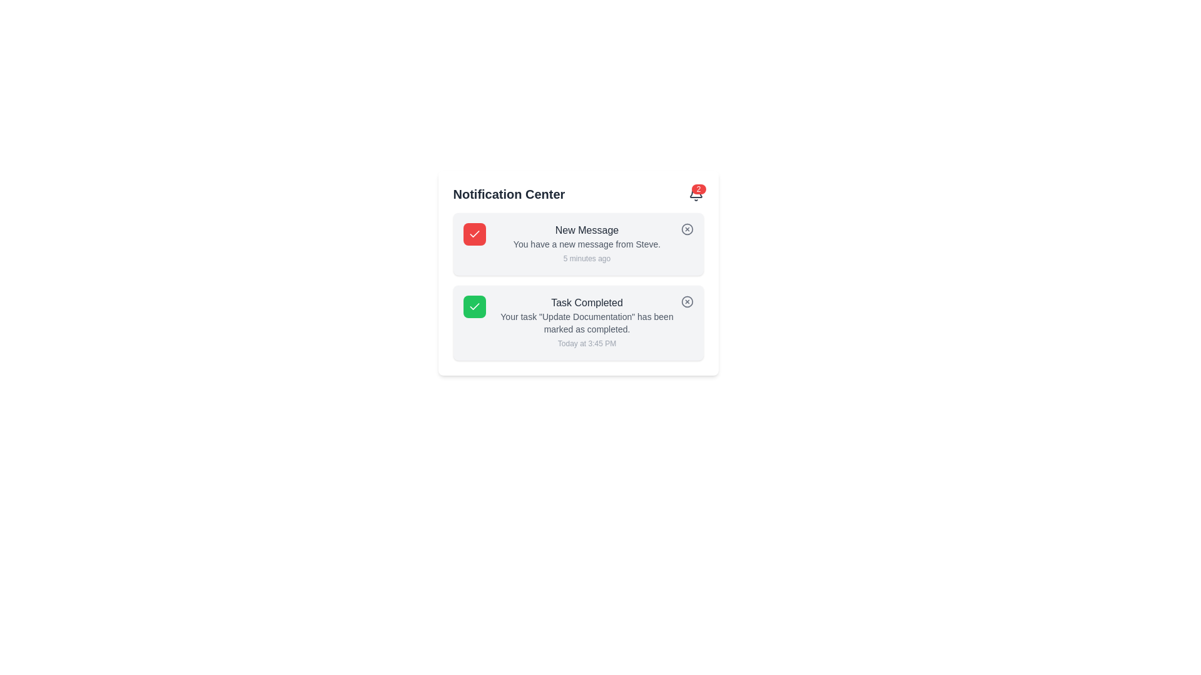  What do you see at coordinates (586, 244) in the screenshot?
I see `the surrounding elements of the 'New Message' notification, which includes a bold title and accompanying text, by clicking on it if visible` at bounding box center [586, 244].